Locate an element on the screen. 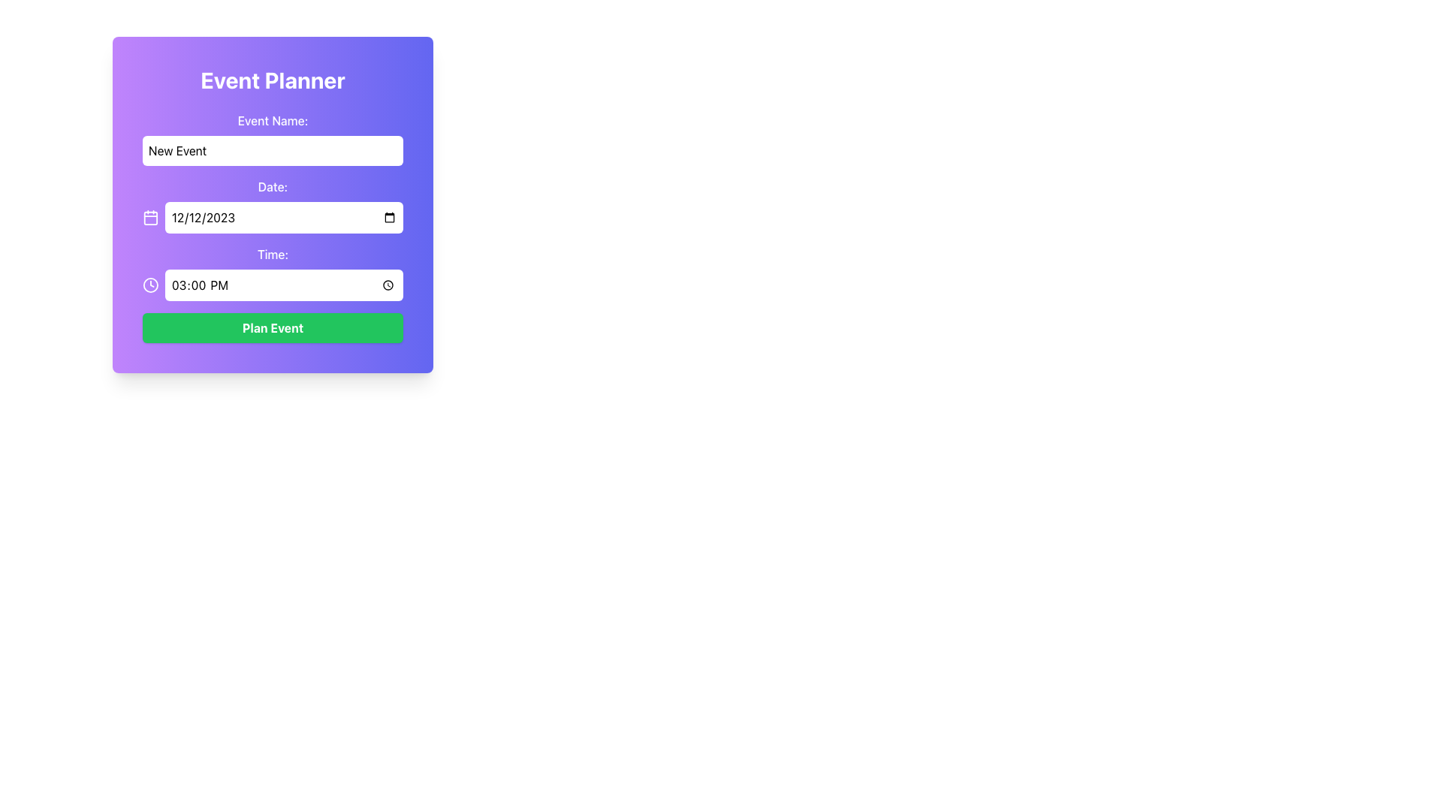 The height and width of the screenshot is (811, 1442). the Text Label that identifies the purpose of the input field for setting a time, located beneath the 'Date:' label and above the 'Plan Event' button is located at coordinates (273, 273).